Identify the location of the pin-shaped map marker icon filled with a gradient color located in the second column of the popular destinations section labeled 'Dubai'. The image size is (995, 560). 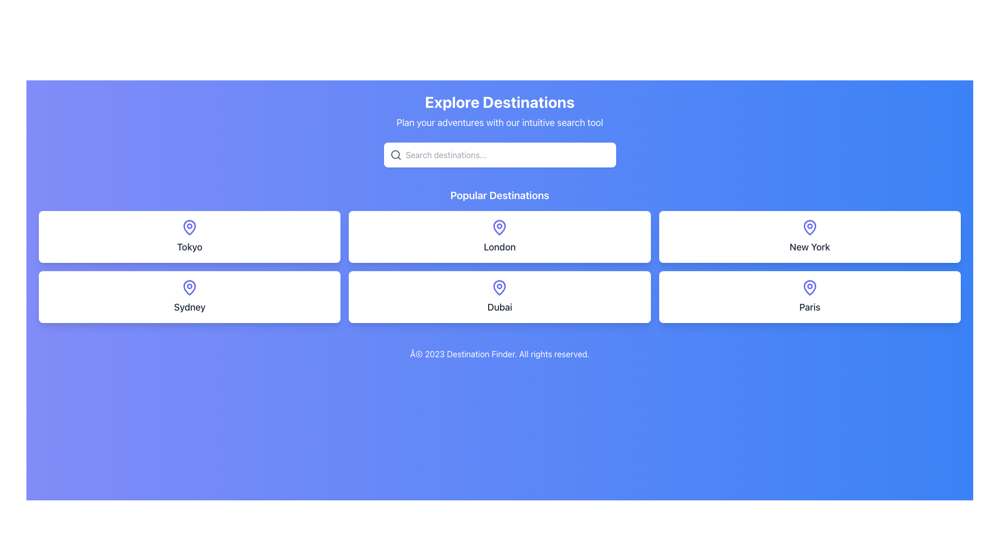
(500, 288).